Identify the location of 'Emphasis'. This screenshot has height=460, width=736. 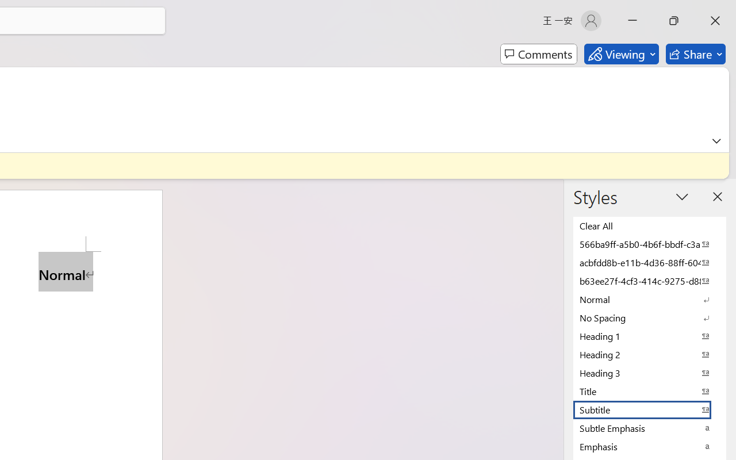
(650, 446).